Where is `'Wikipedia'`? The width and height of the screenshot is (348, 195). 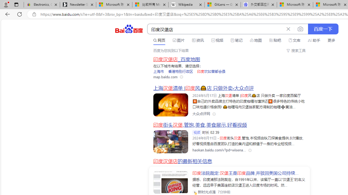
'Wikipedia' is located at coordinates (187, 5).